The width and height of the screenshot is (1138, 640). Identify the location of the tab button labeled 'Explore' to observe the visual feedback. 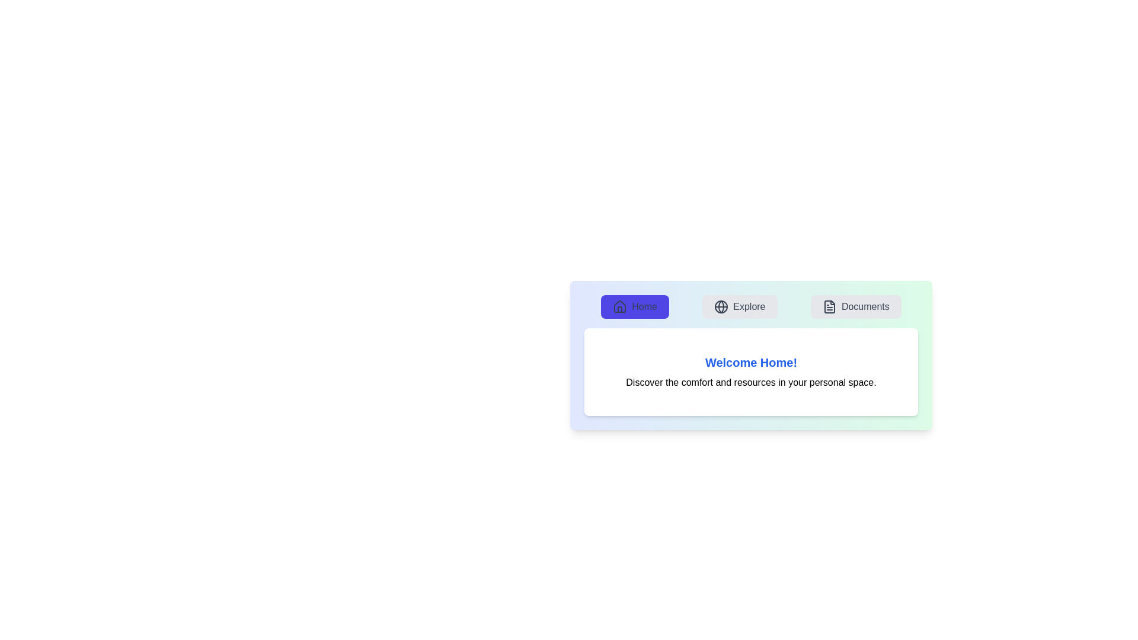
(739, 306).